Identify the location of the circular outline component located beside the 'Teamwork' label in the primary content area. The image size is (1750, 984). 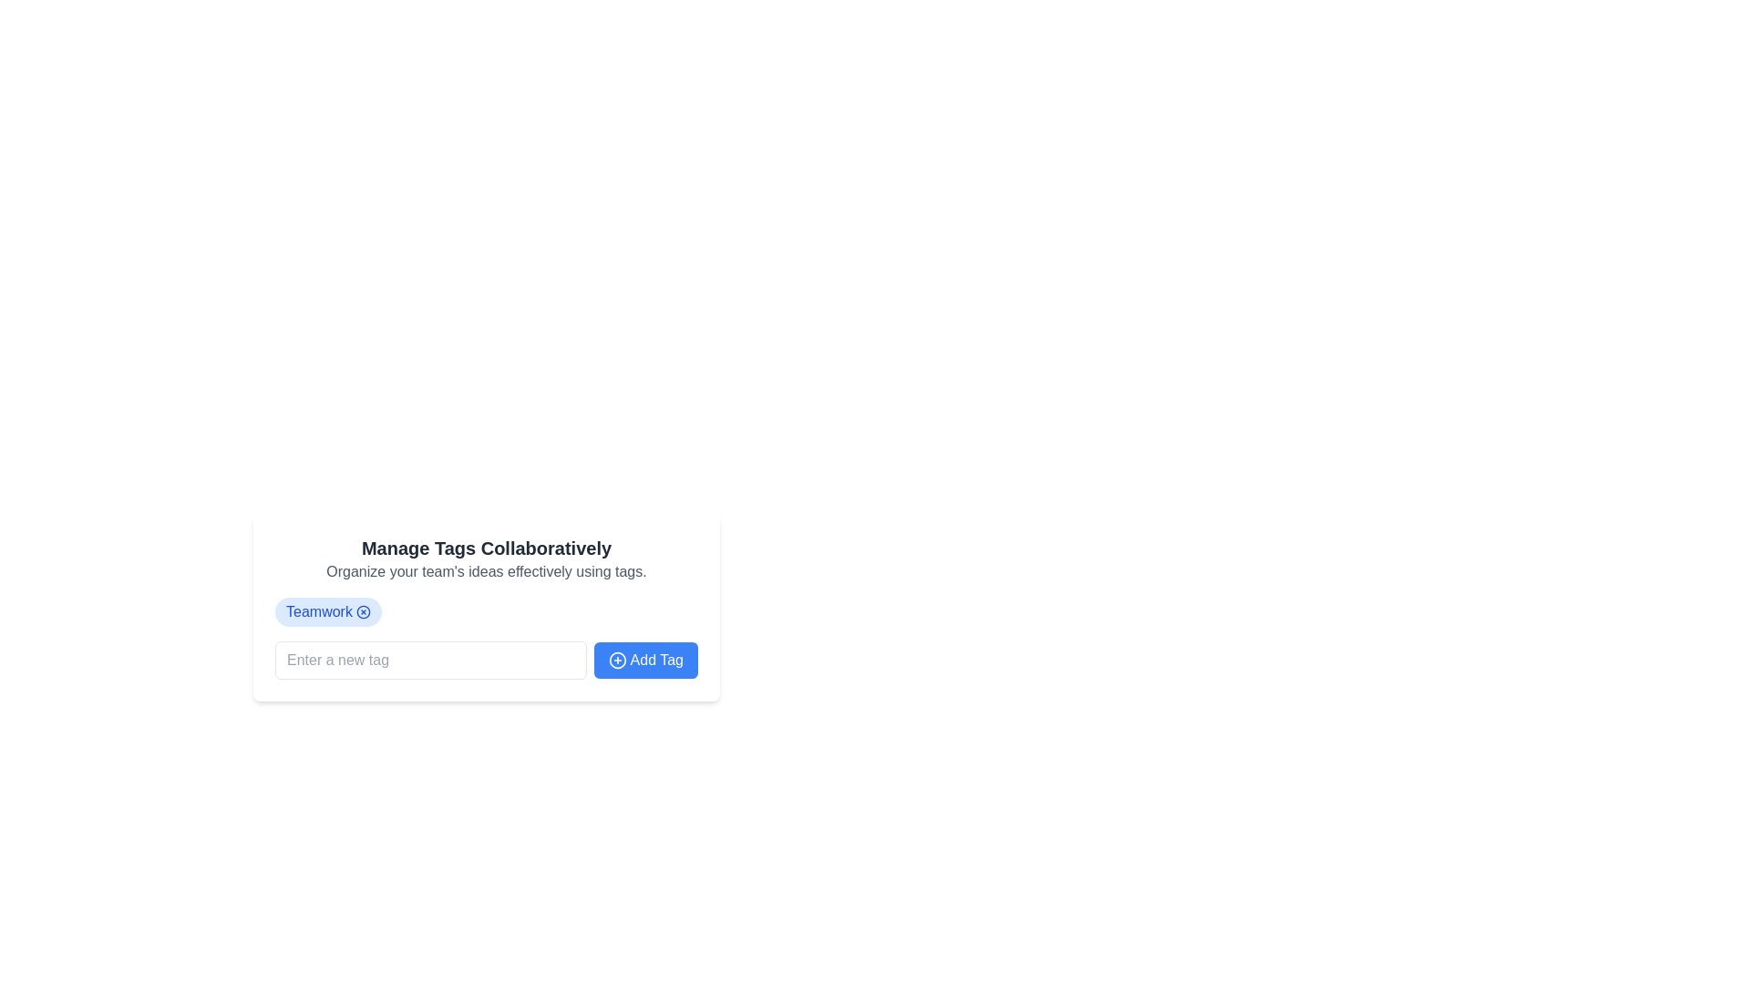
(363, 611).